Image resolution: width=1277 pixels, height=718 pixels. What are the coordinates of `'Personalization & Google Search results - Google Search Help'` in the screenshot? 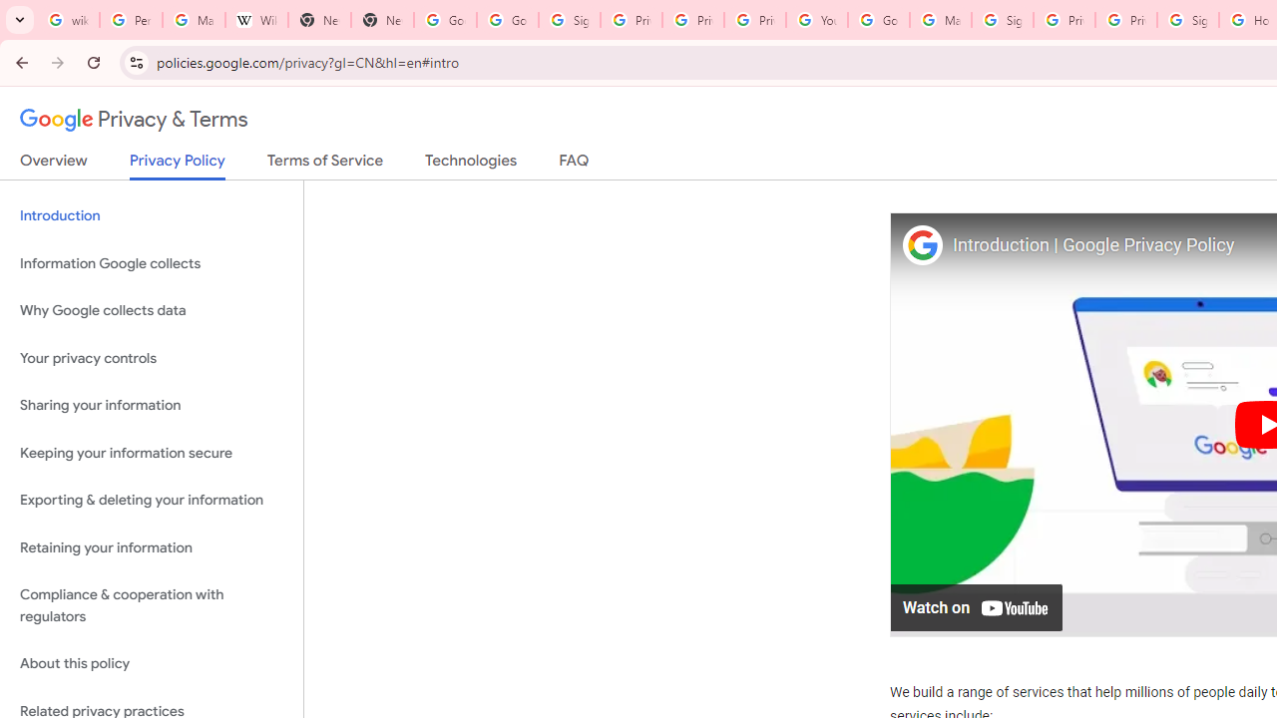 It's located at (130, 20).